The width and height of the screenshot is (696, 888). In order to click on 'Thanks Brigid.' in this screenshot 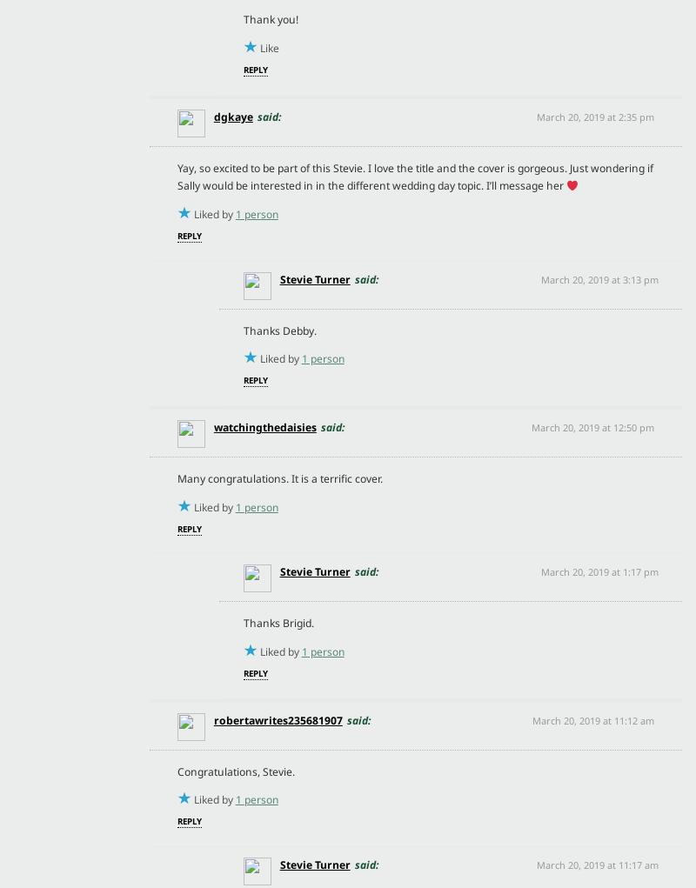, I will do `click(277, 622)`.